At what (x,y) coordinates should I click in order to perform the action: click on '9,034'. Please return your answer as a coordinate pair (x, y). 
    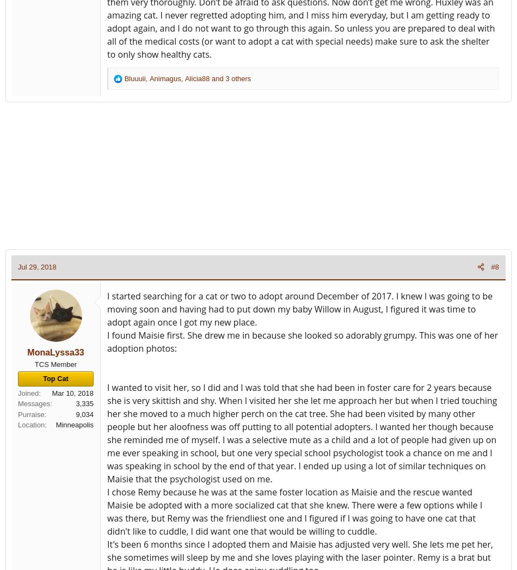
    Looking at the image, I should click on (75, 414).